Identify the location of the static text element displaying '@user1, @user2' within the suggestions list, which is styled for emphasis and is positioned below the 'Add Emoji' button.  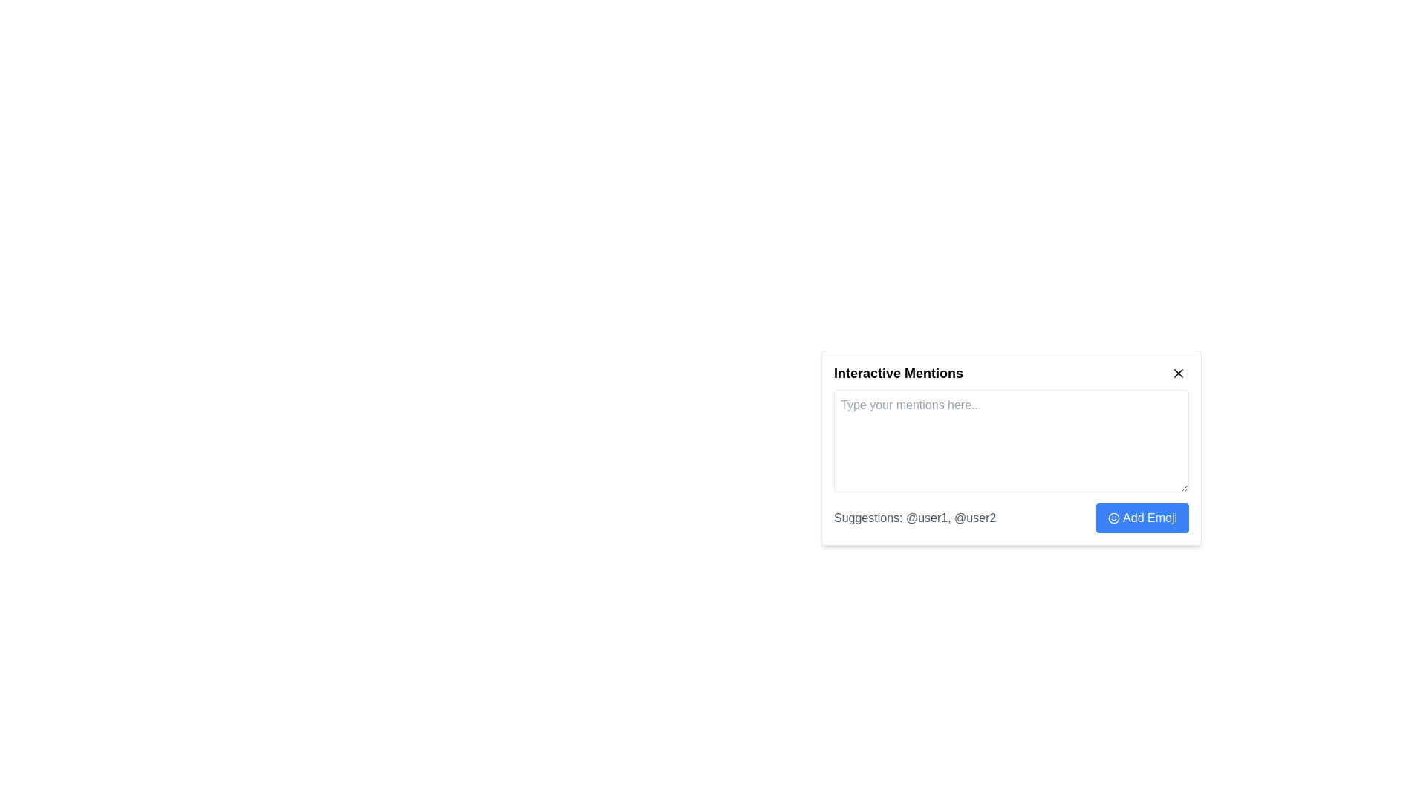
(951, 517).